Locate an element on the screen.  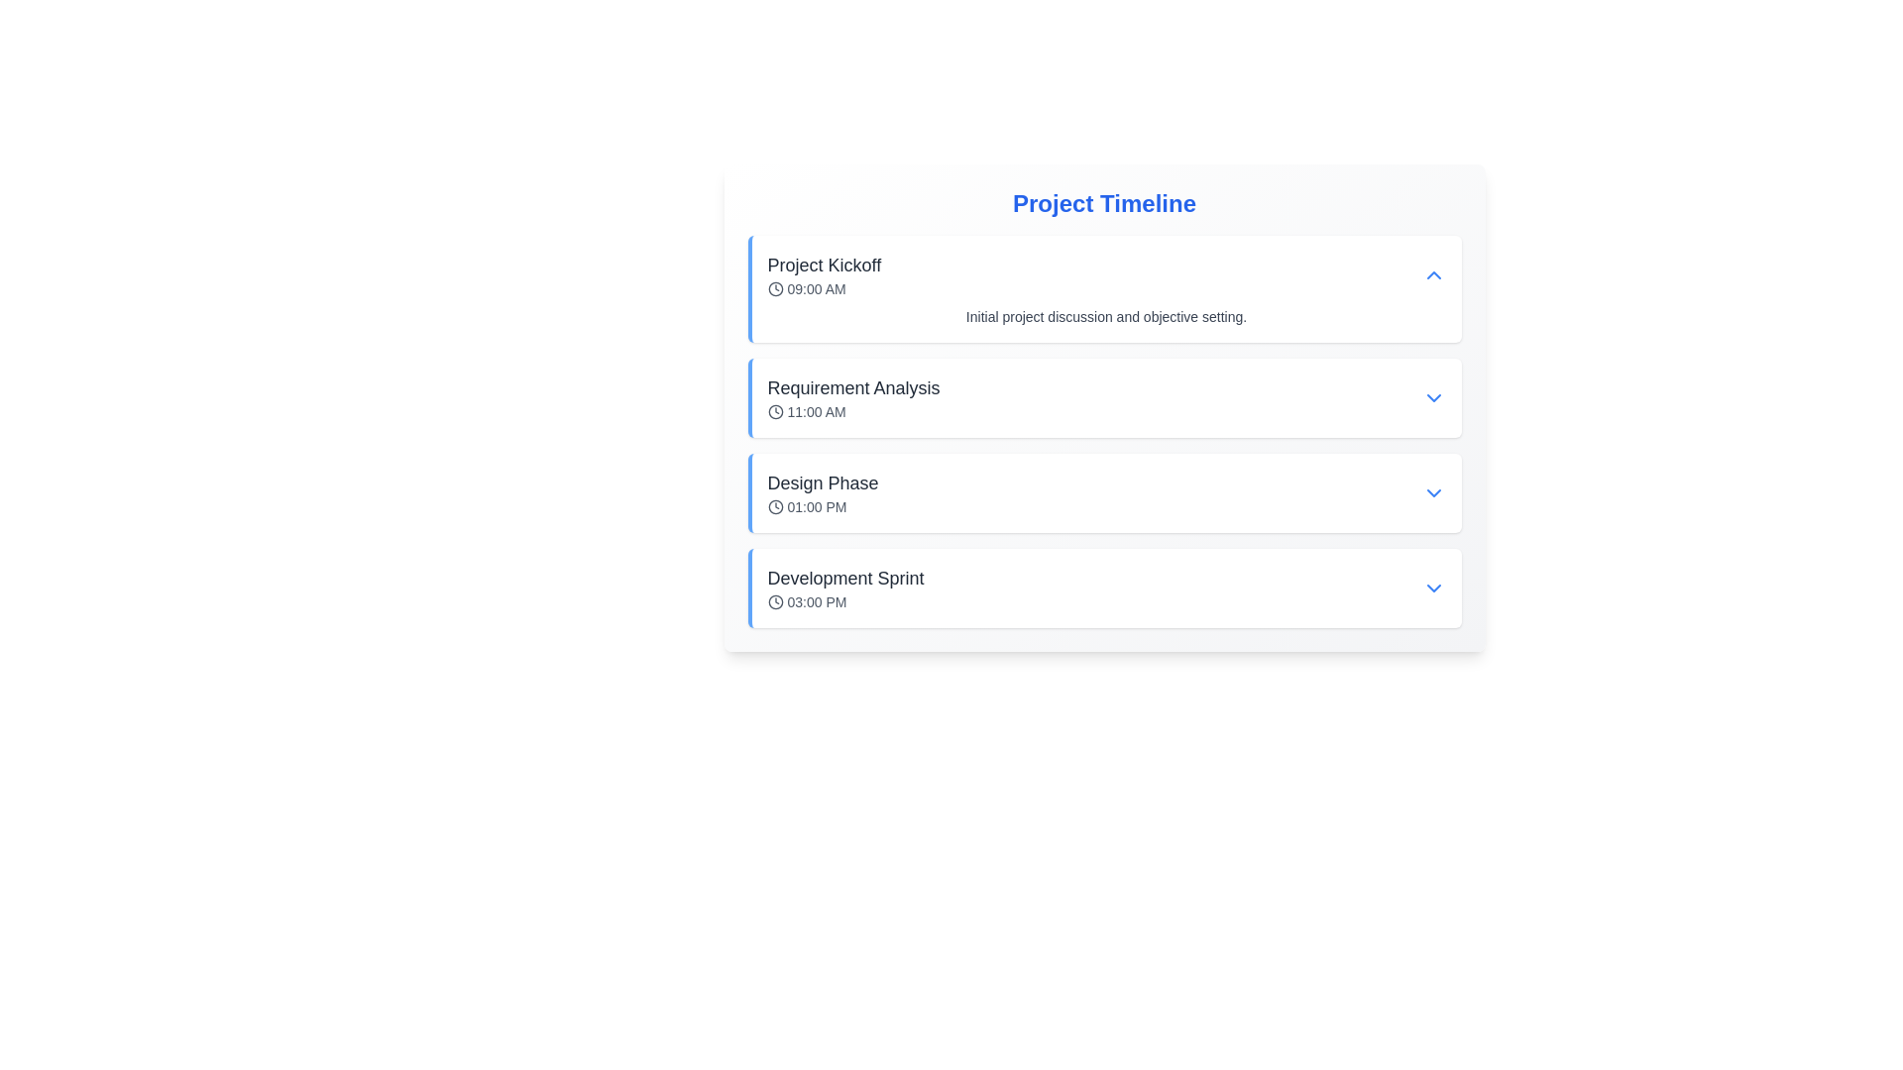
the toggle button located at the extreme right within the 'Design Phase' section is located at coordinates (1433, 491).